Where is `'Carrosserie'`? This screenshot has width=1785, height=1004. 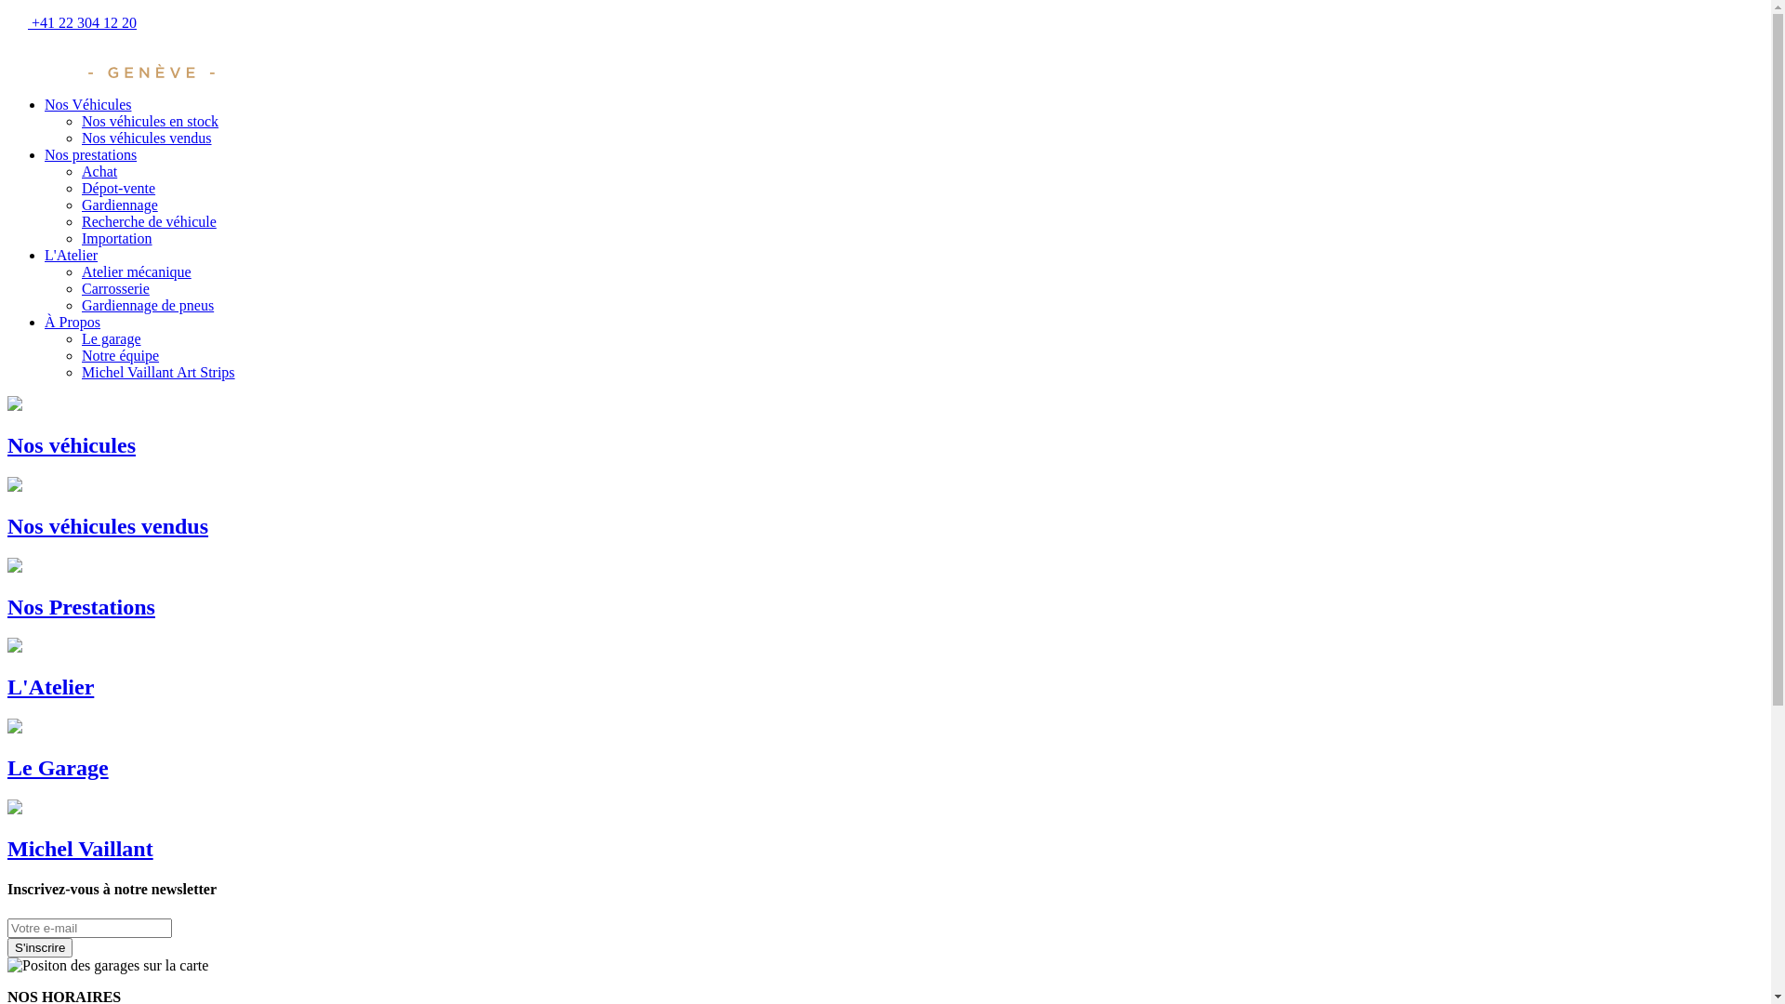
'Carrosserie' is located at coordinates (114, 288).